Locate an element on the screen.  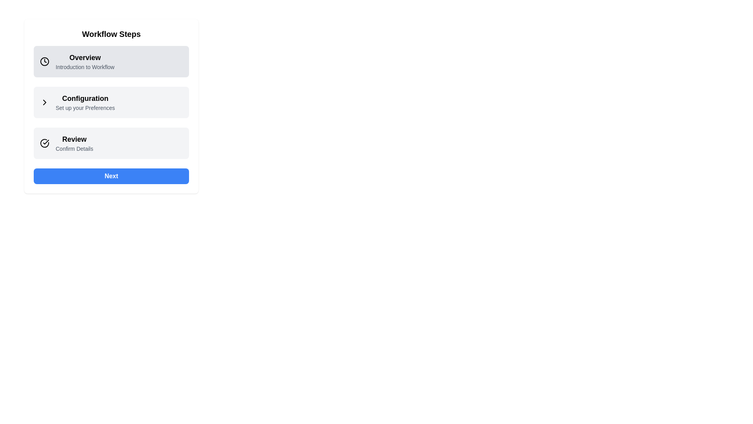
the circular checkmark icon located at the top left corner of the 'Review' section in the workflow listing is located at coordinates (47, 143).